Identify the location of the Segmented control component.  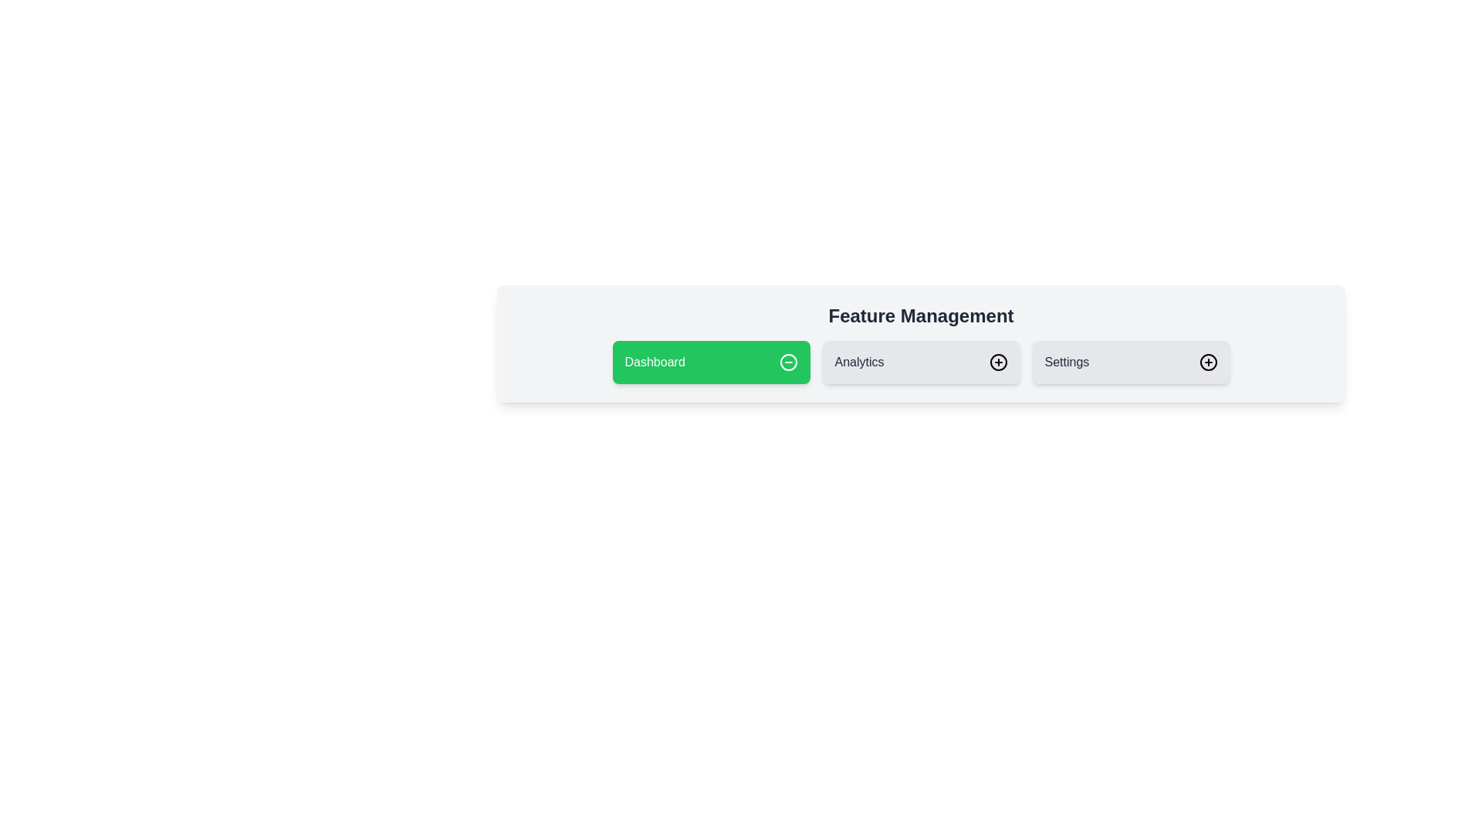
(921, 363).